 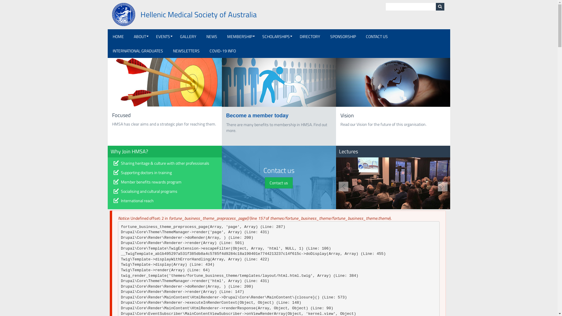 I want to click on 'HOME', so click(x=118, y=36).